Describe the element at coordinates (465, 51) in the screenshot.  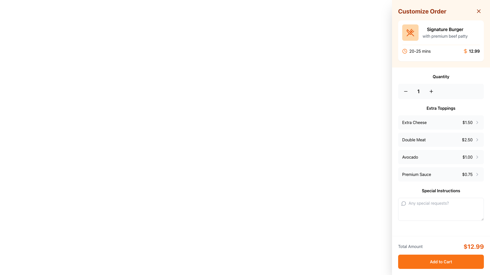
I see `the bright orange dollar sign ($) icon located on the right side of the price text ('12.99') in the 'Customize Order' panel` at that location.